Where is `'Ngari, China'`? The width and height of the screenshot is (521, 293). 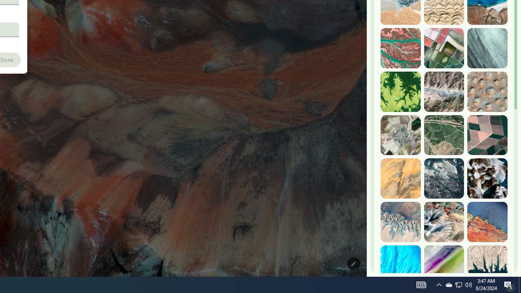
'Ngari, China' is located at coordinates (443, 222).